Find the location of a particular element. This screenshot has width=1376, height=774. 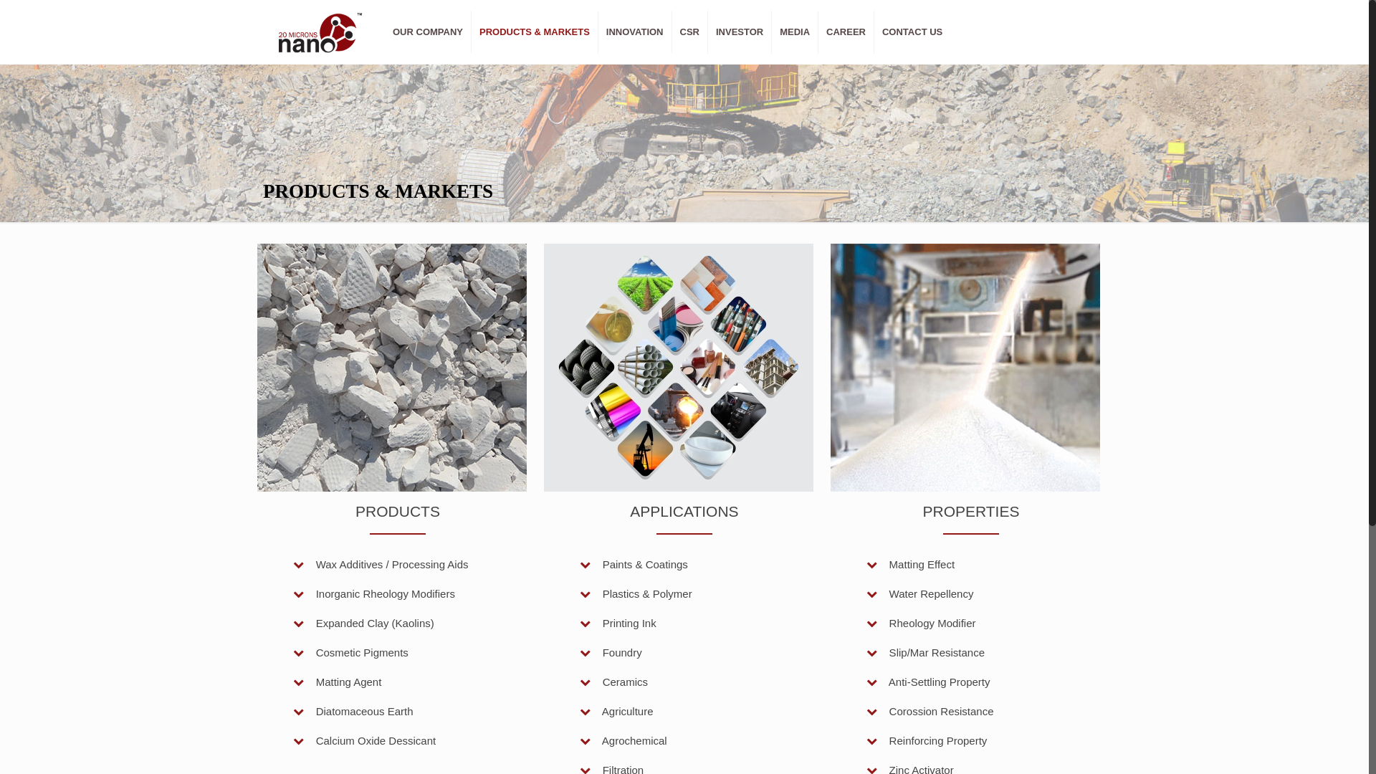

'INNOVATION' is located at coordinates (634, 32).